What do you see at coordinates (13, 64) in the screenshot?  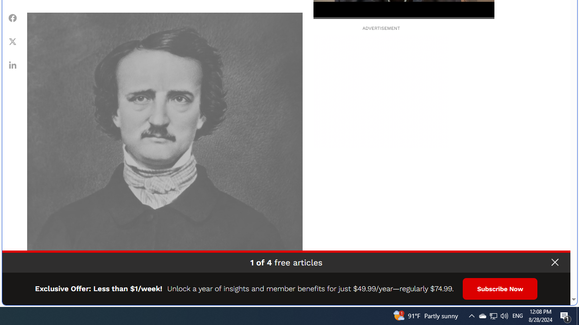 I see `'Share Linkedin'` at bounding box center [13, 64].